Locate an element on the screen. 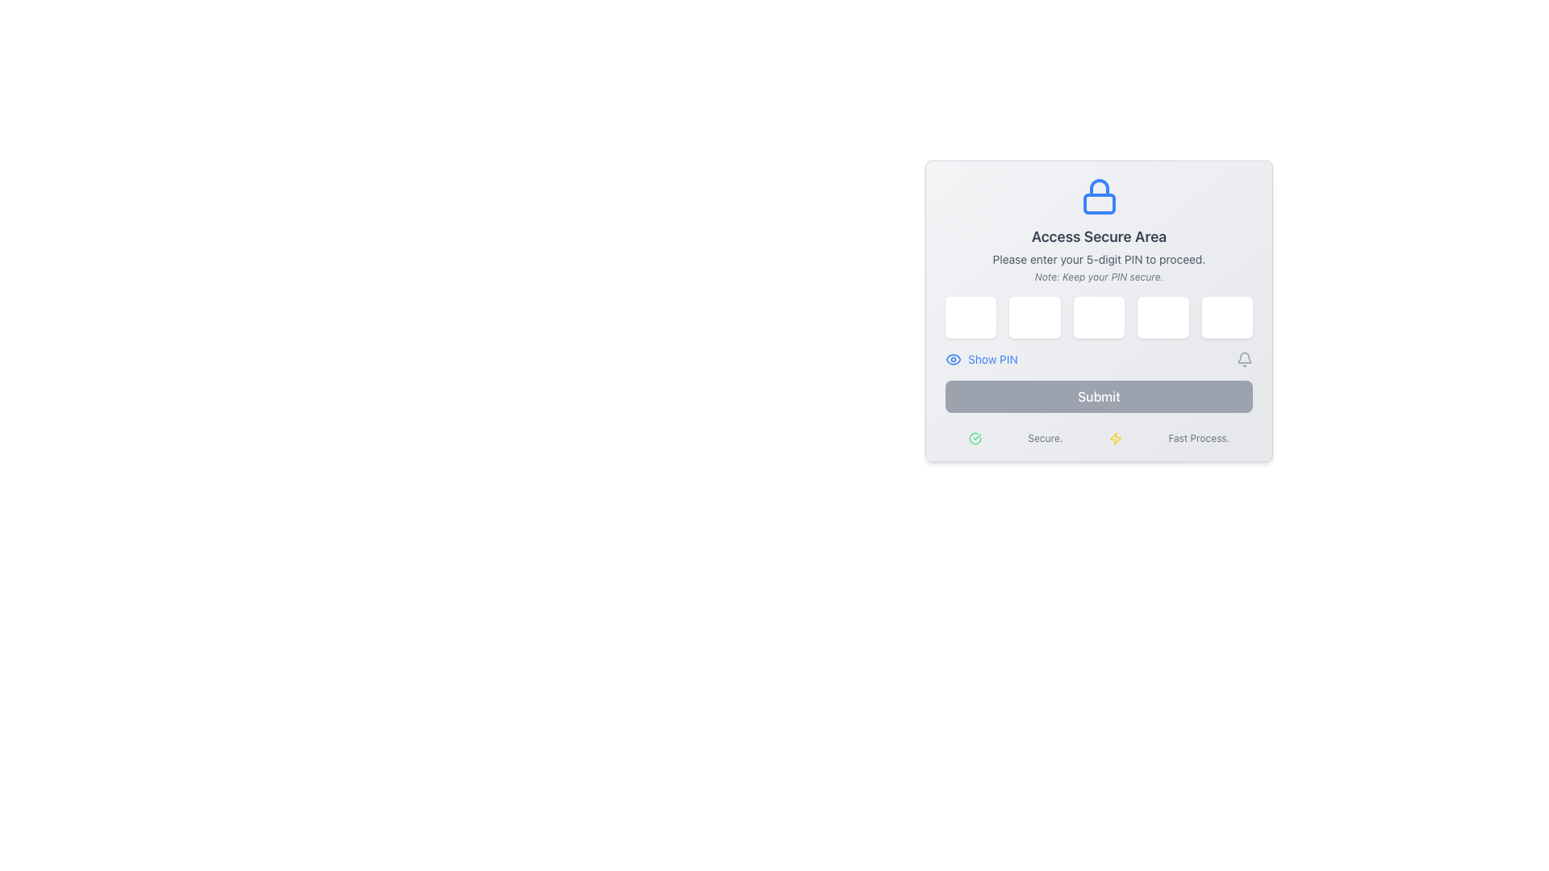 This screenshot has width=1549, height=871. the bell icon that serves as a status or notification indicator, located to the right of the 'Show PIN' text, which is below the PIN input fields is located at coordinates (1243, 359).